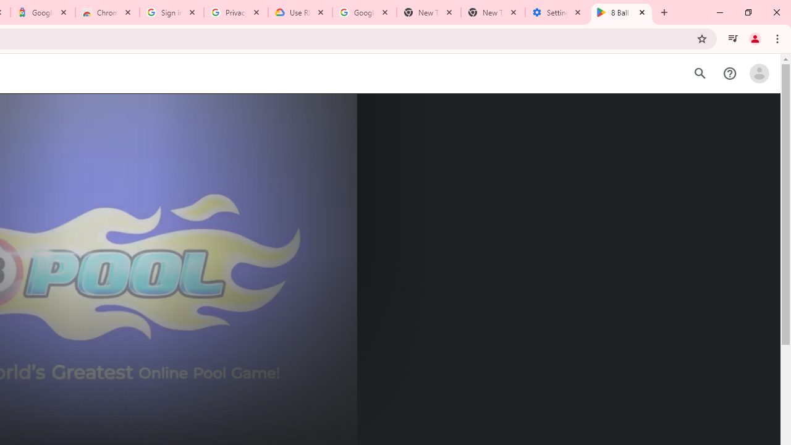 Image resolution: width=791 pixels, height=445 pixels. I want to click on '8 Ball Pool - Apps on Google Play', so click(622, 12).